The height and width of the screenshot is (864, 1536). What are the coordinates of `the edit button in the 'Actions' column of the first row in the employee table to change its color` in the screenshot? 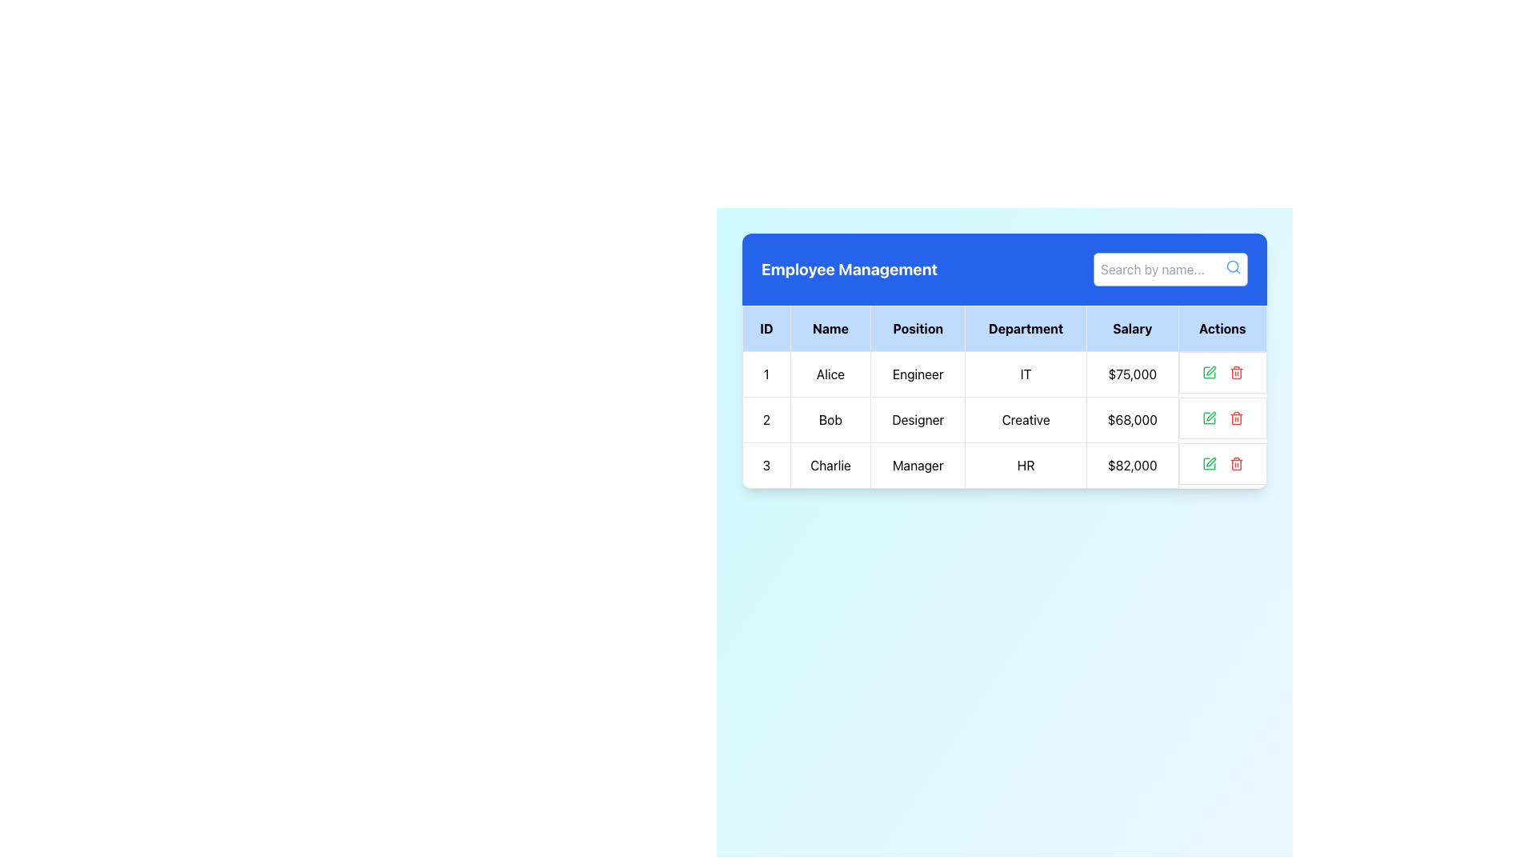 It's located at (1209, 463).